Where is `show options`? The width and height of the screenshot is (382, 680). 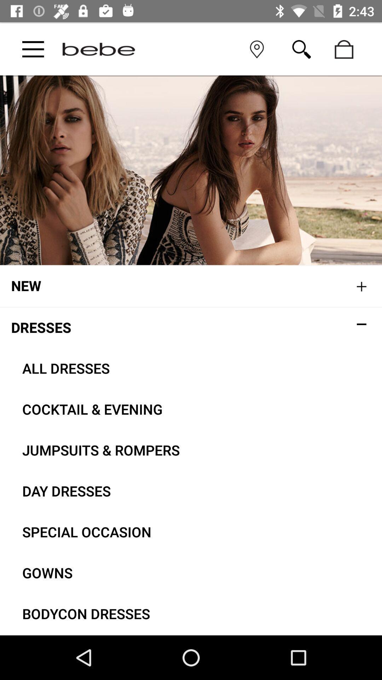
show options is located at coordinates (33, 49).